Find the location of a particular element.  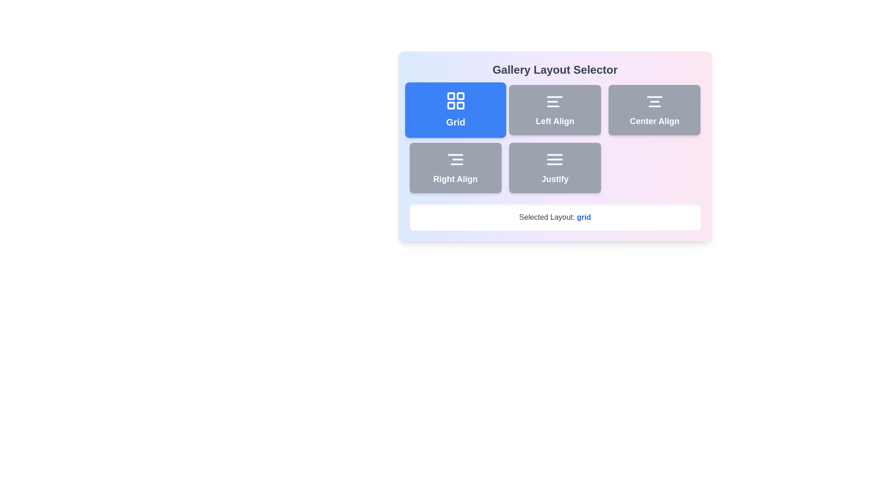

the blue rectangular button labeled 'Grid' with a grid layout icon is located at coordinates (455, 109).